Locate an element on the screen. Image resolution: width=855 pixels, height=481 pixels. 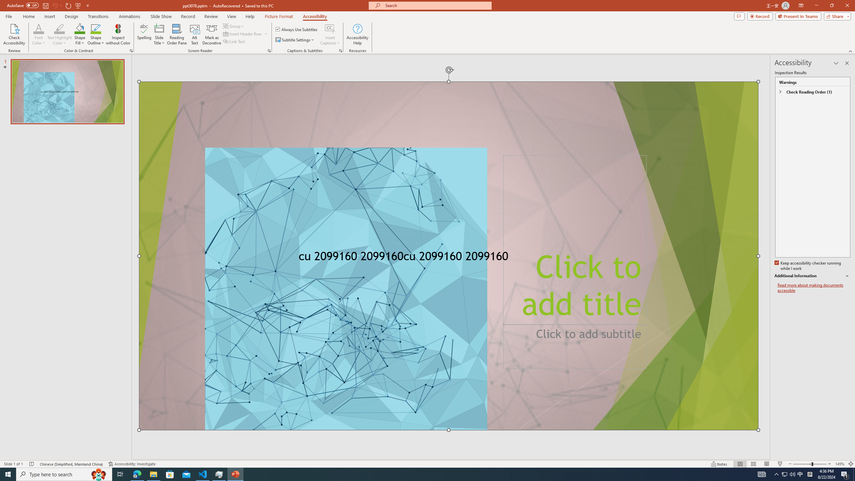
'Inspect without Color' is located at coordinates (118, 34).